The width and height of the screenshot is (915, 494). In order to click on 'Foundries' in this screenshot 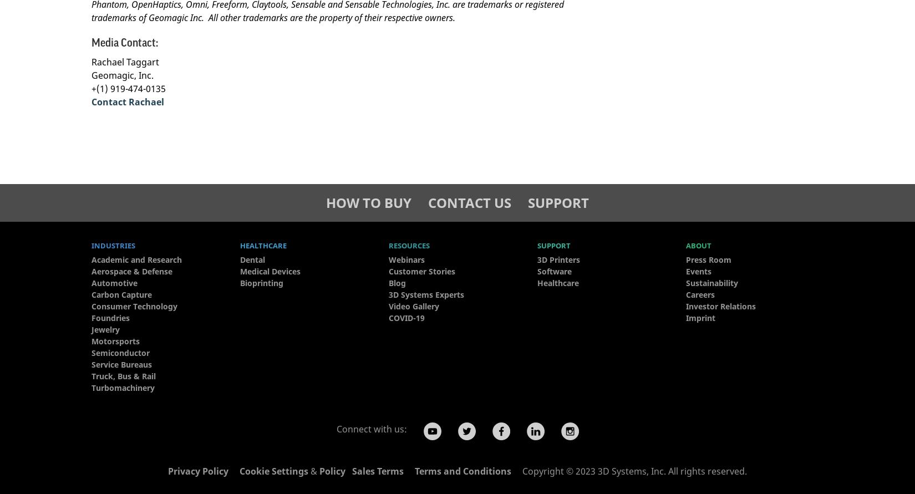, I will do `click(110, 317)`.